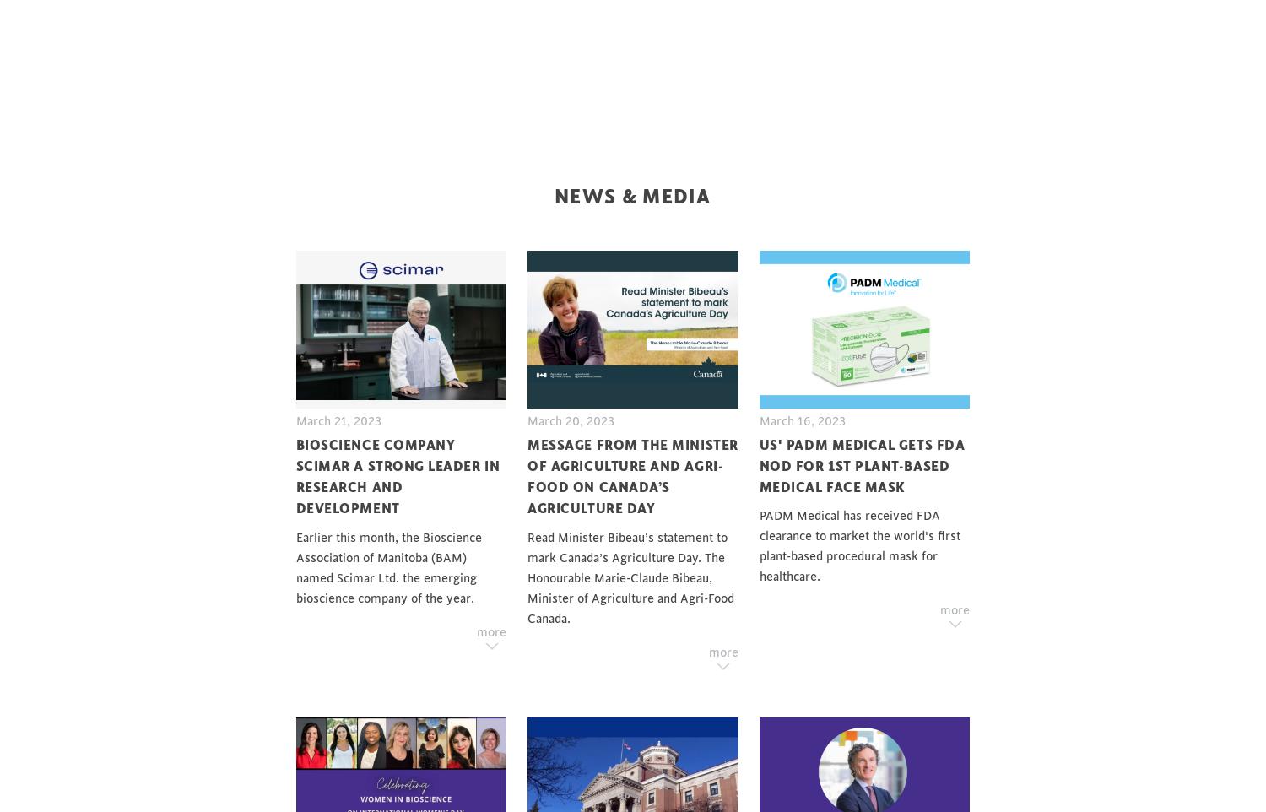 The height and width of the screenshot is (812, 1266). I want to click on 'What We do', so click(294, 134).